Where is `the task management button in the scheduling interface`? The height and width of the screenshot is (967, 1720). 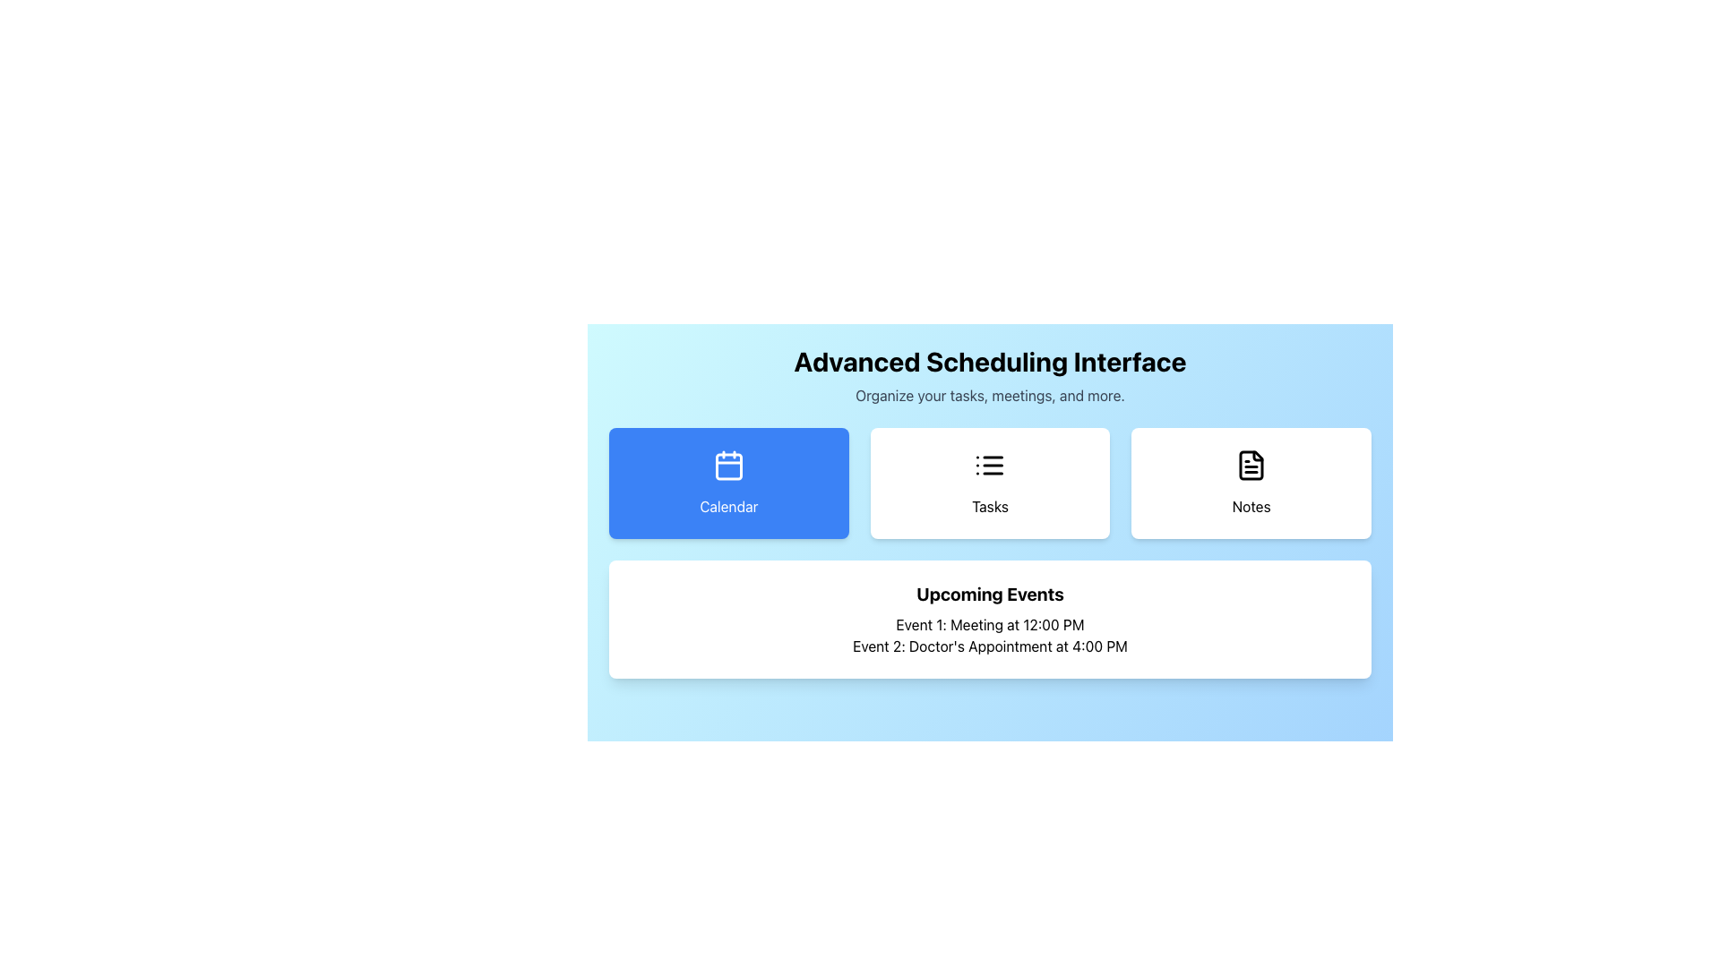 the task management button in the scheduling interface is located at coordinates (989, 521).